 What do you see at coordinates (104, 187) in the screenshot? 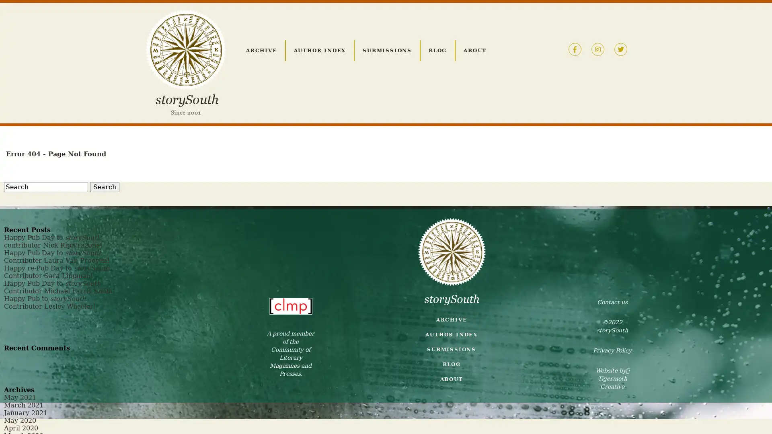
I see `Search` at bounding box center [104, 187].